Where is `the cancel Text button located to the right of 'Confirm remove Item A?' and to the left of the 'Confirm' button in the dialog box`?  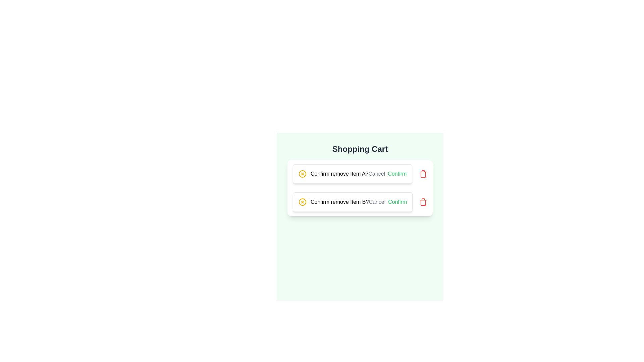 the cancel Text button located to the right of 'Confirm remove Item A?' and to the left of the 'Confirm' button in the dialog box is located at coordinates (377, 174).